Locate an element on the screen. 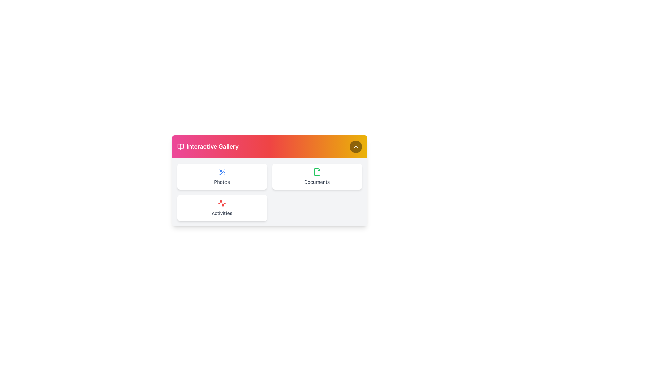 The image size is (652, 367). the text label beneath the document icon within the 'Documents' card on the right side of the grid layout is located at coordinates (316, 182).